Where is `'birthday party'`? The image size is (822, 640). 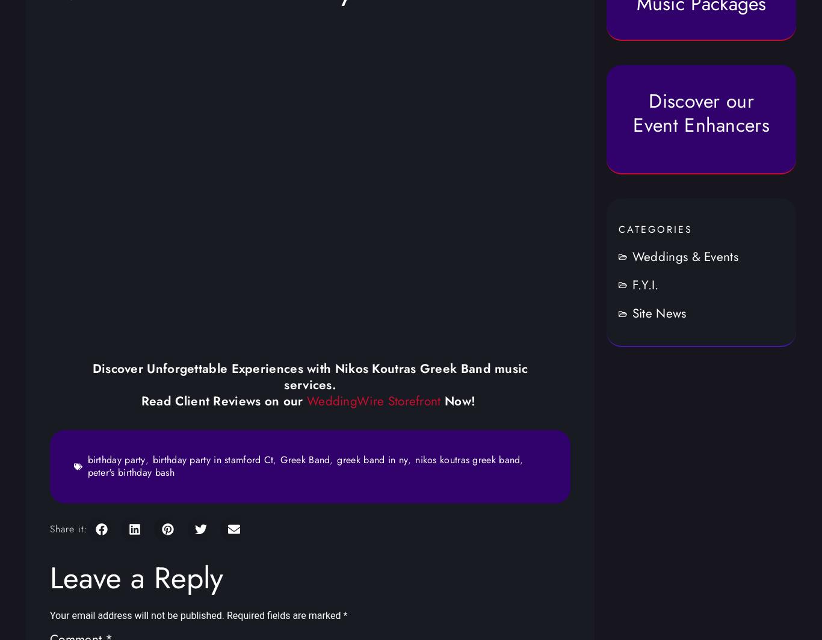
'birthday party' is located at coordinates (116, 460).